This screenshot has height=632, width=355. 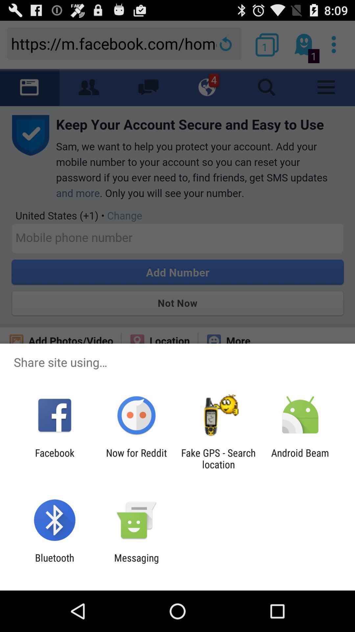 What do you see at coordinates (300, 458) in the screenshot?
I see `the android beam icon` at bounding box center [300, 458].